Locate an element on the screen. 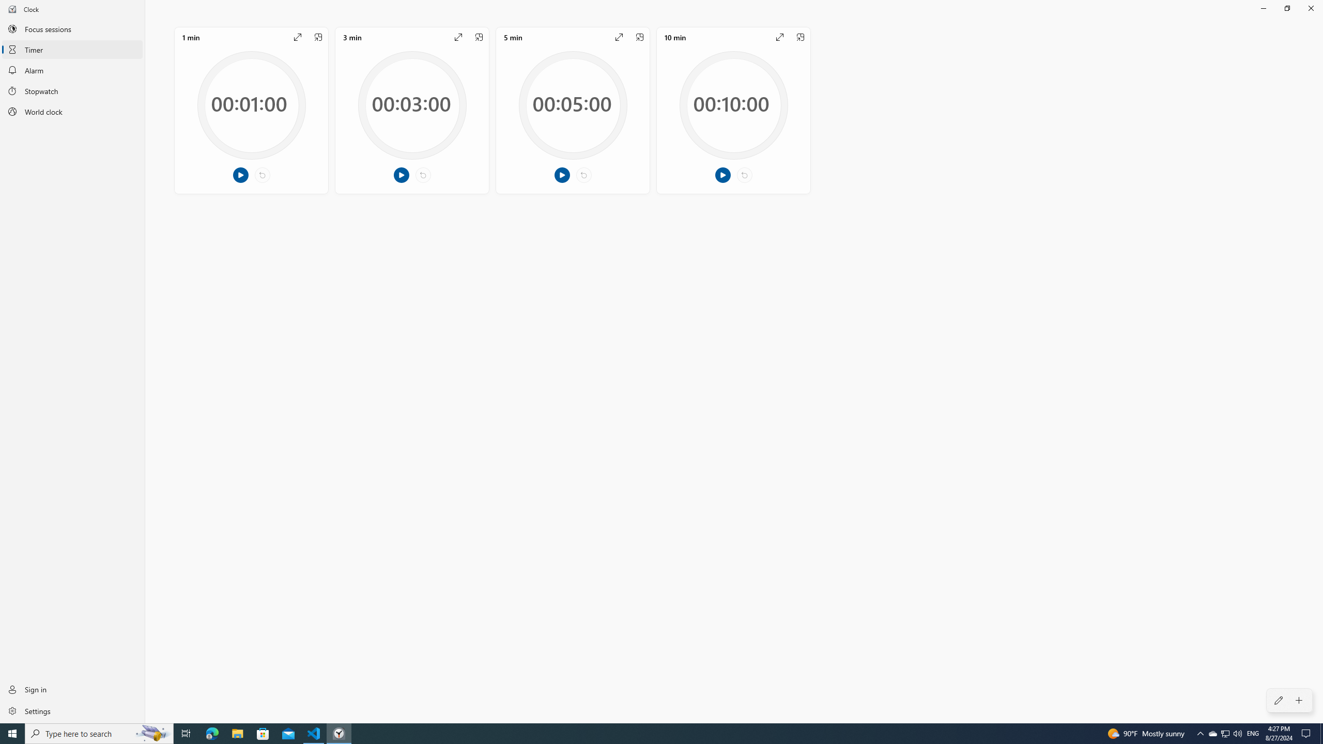 The image size is (1323, 744). 'Alarm' is located at coordinates (72, 70).